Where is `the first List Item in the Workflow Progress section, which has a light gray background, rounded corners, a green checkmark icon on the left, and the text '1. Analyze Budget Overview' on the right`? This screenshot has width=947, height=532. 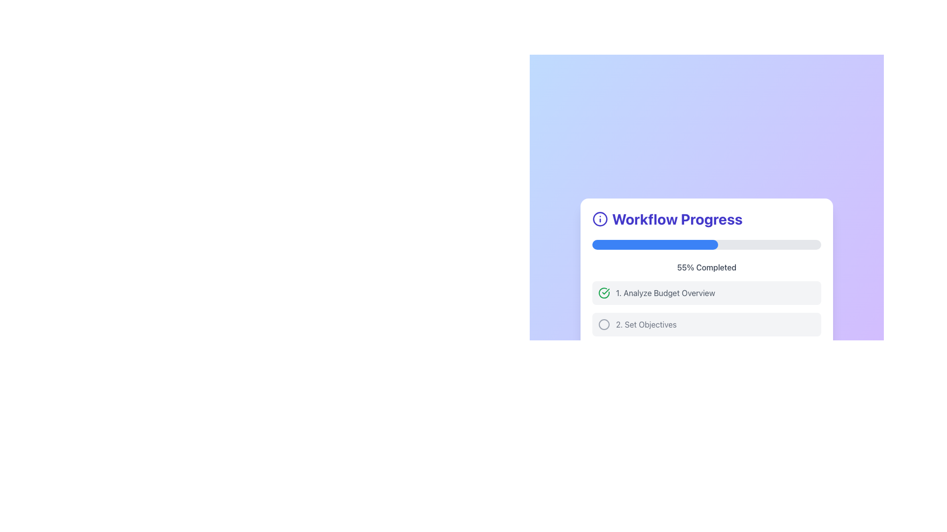
the first List Item in the Workflow Progress section, which has a light gray background, rounded corners, a green checkmark icon on the left, and the text '1. Analyze Budget Overview' on the right is located at coordinates (706, 292).